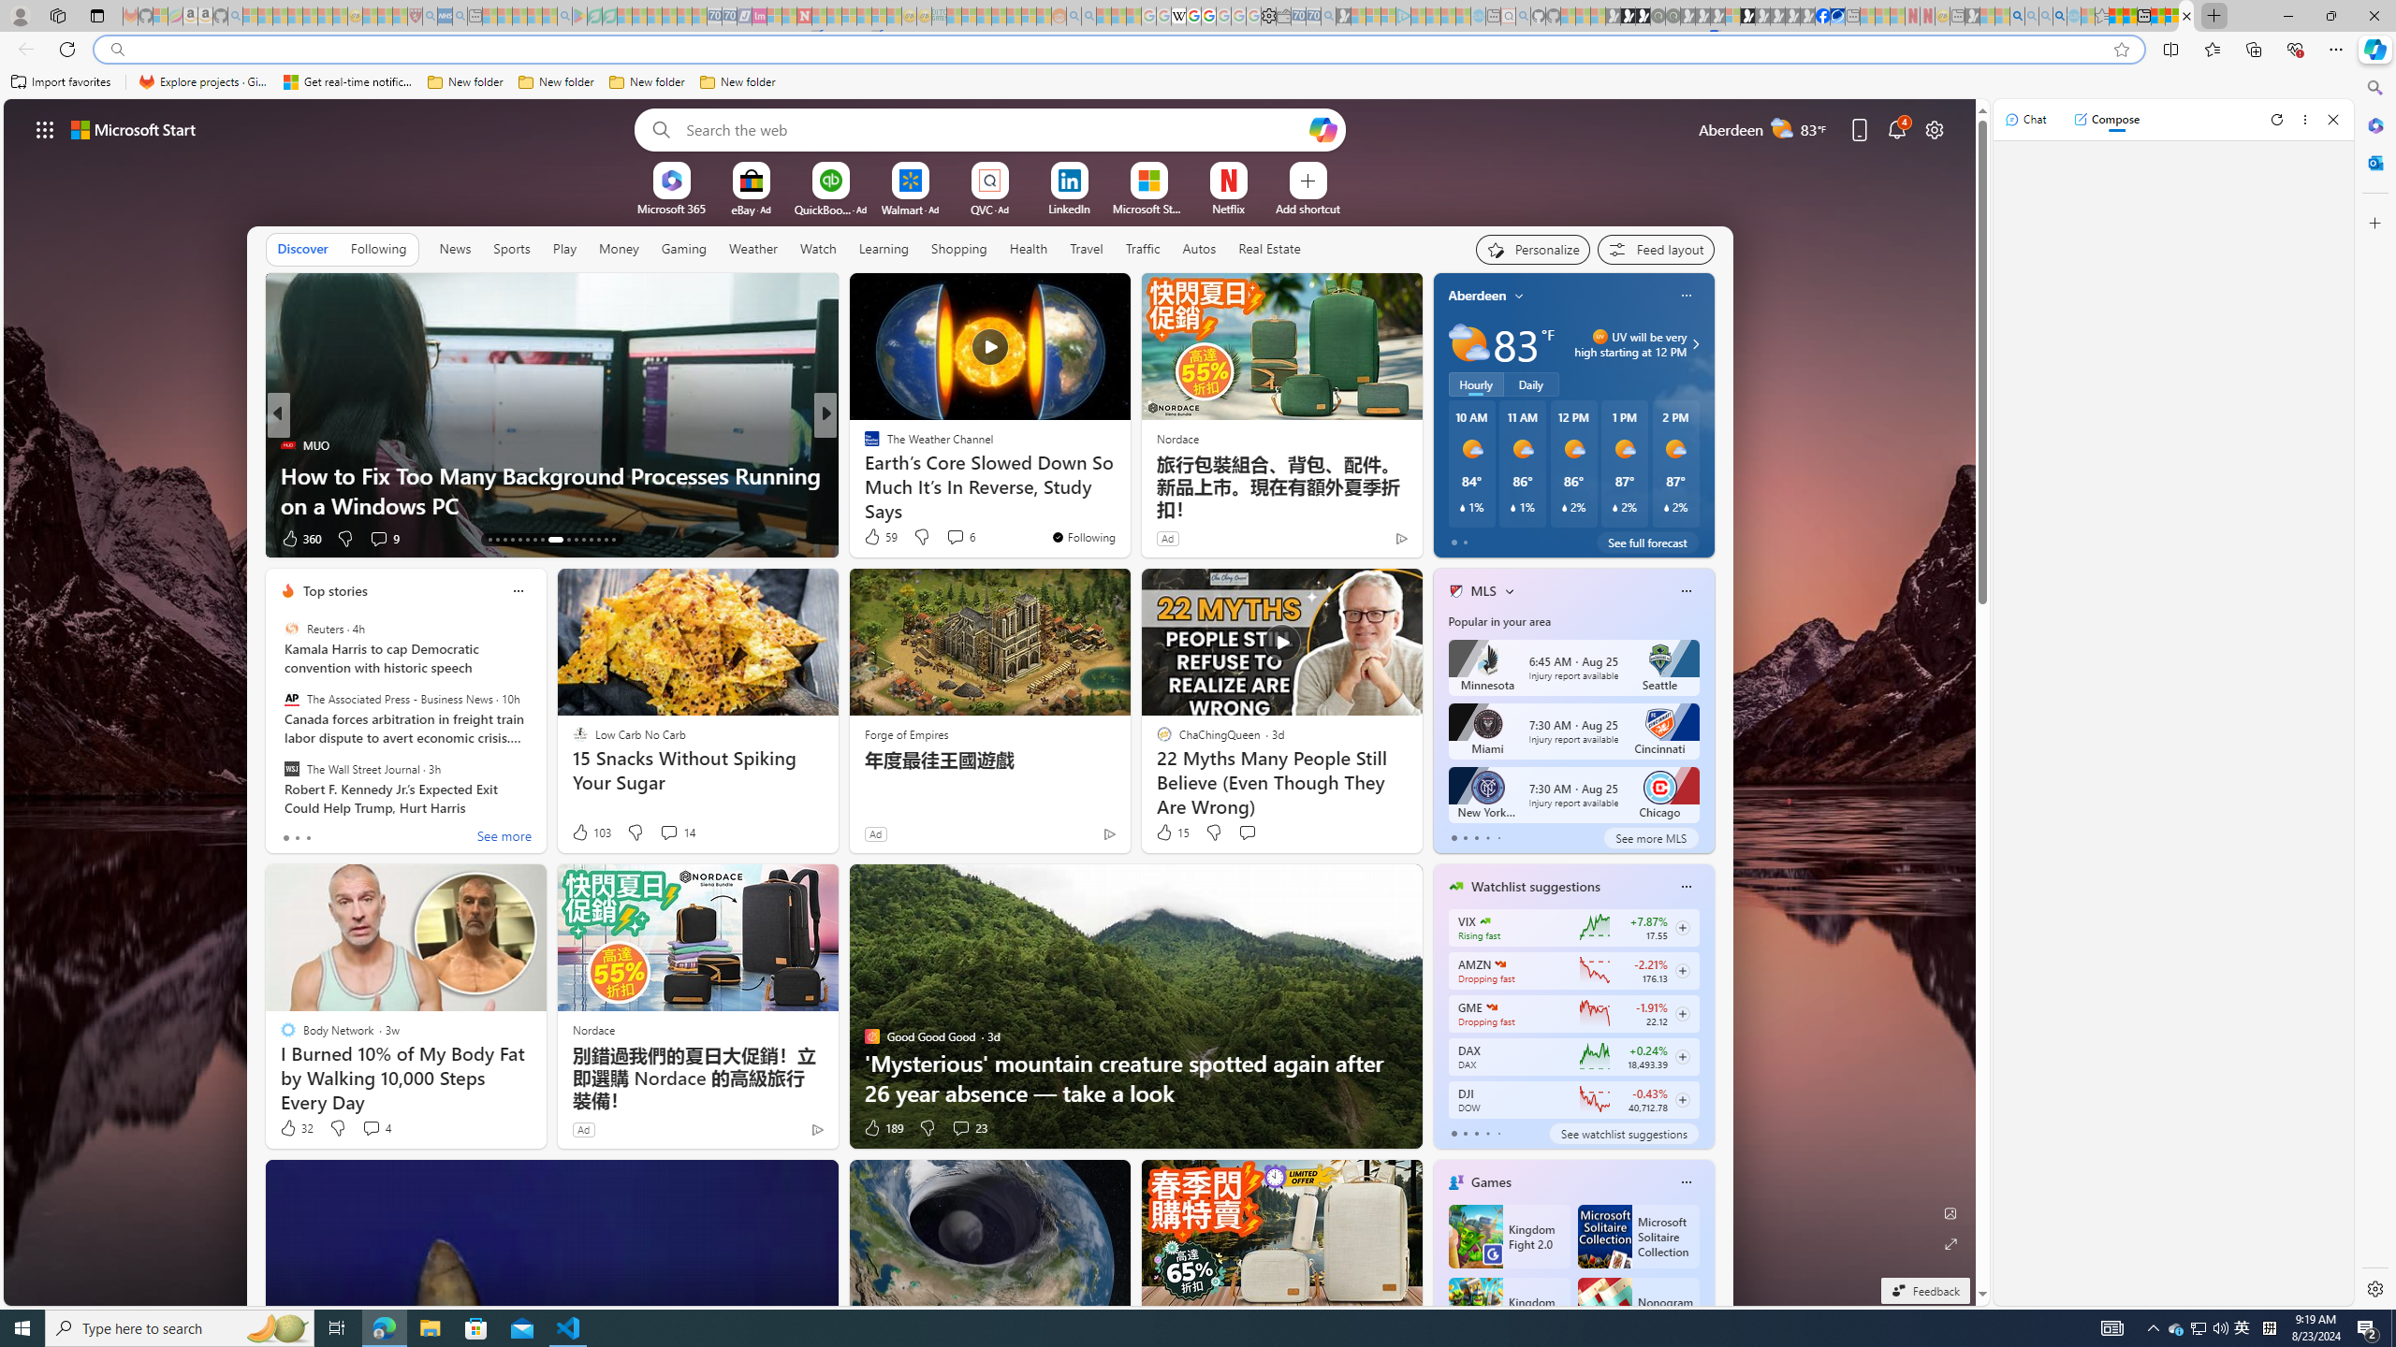  What do you see at coordinates (606, 540) in the screenshot?
I see `'AutomationID: tab-27'` at bounding box center [606, 540].